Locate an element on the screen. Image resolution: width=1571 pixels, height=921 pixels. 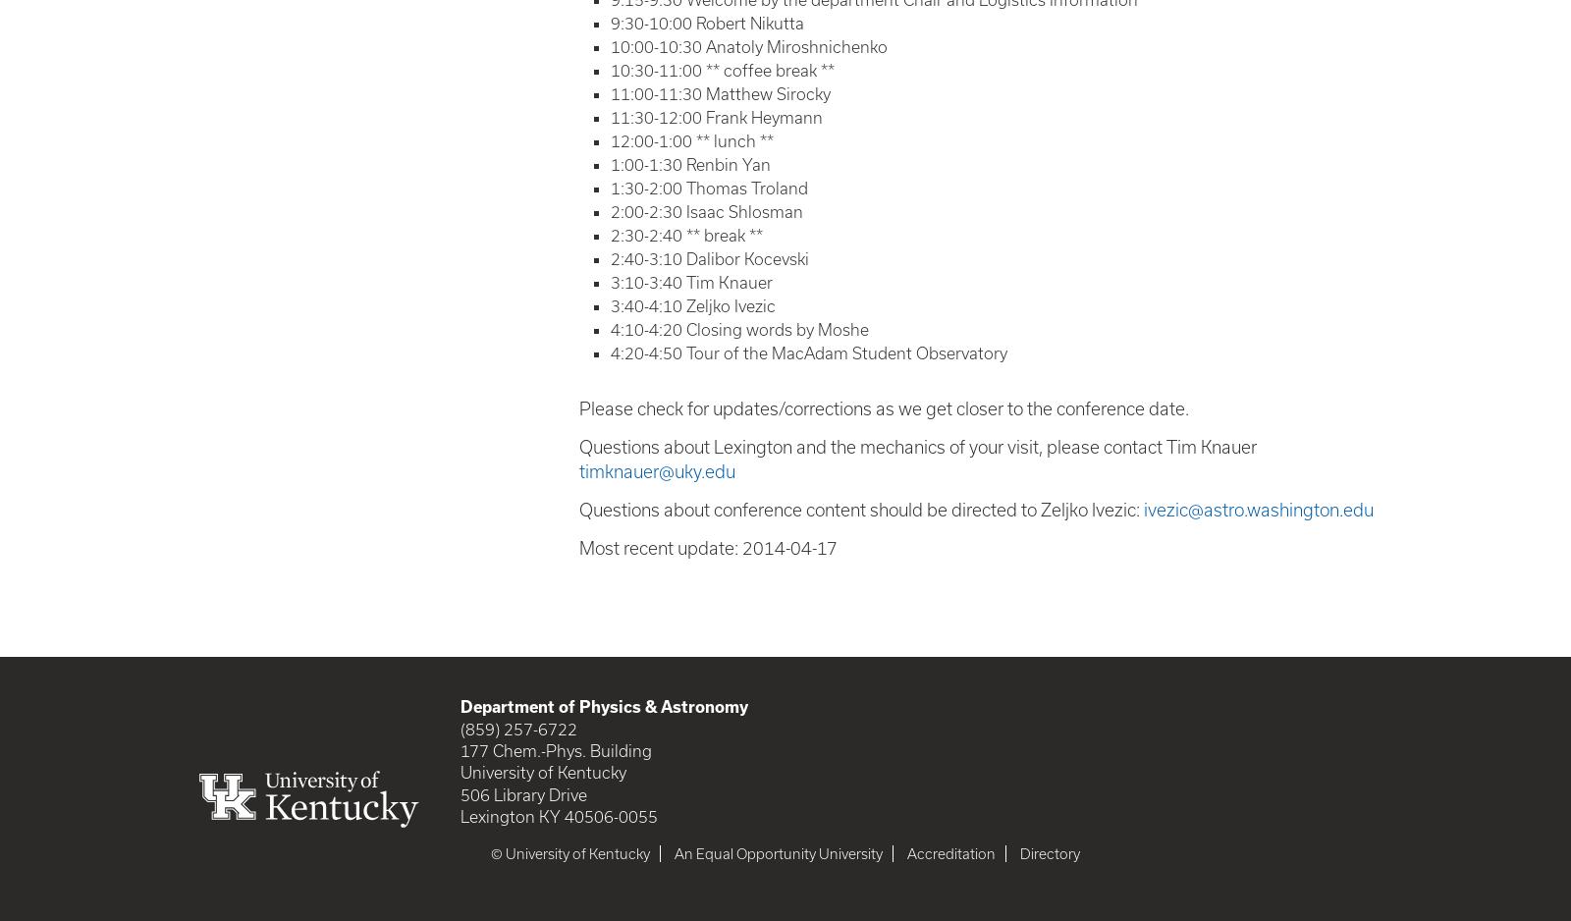
'11:30-12:00 Frank Heymann' is located at coordinates (717, 115).